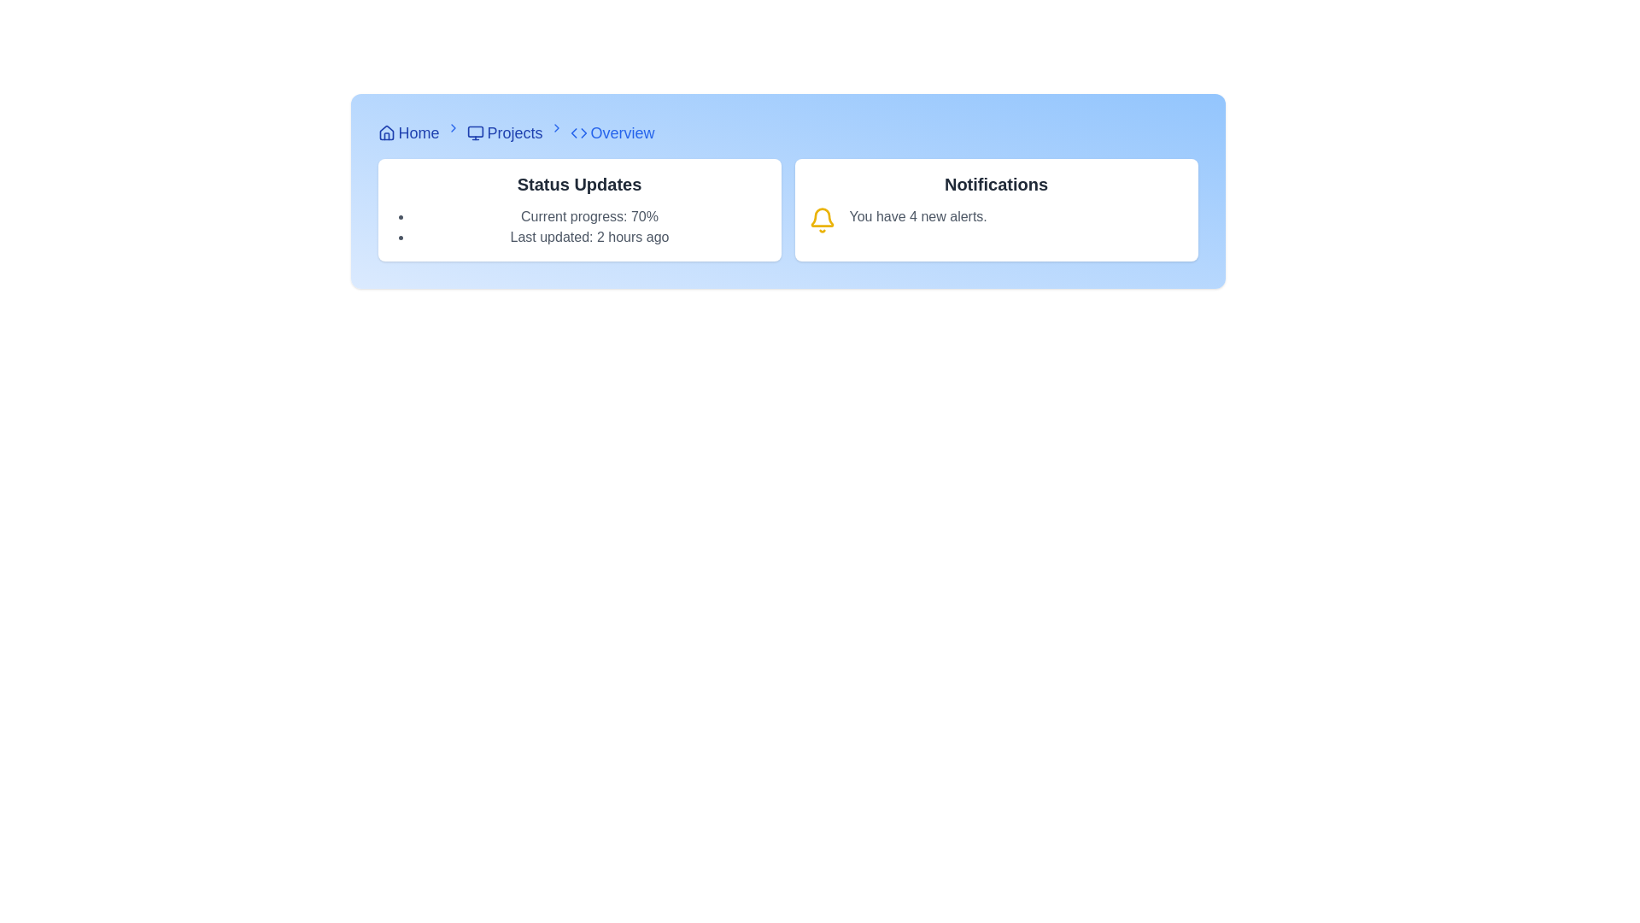 This screenshot has width=1640, height=923. I want to click on the third icon in the breadcrumb navigation bar, which separates the 'Projects' and 'Overview' text links, so click(556, 127).